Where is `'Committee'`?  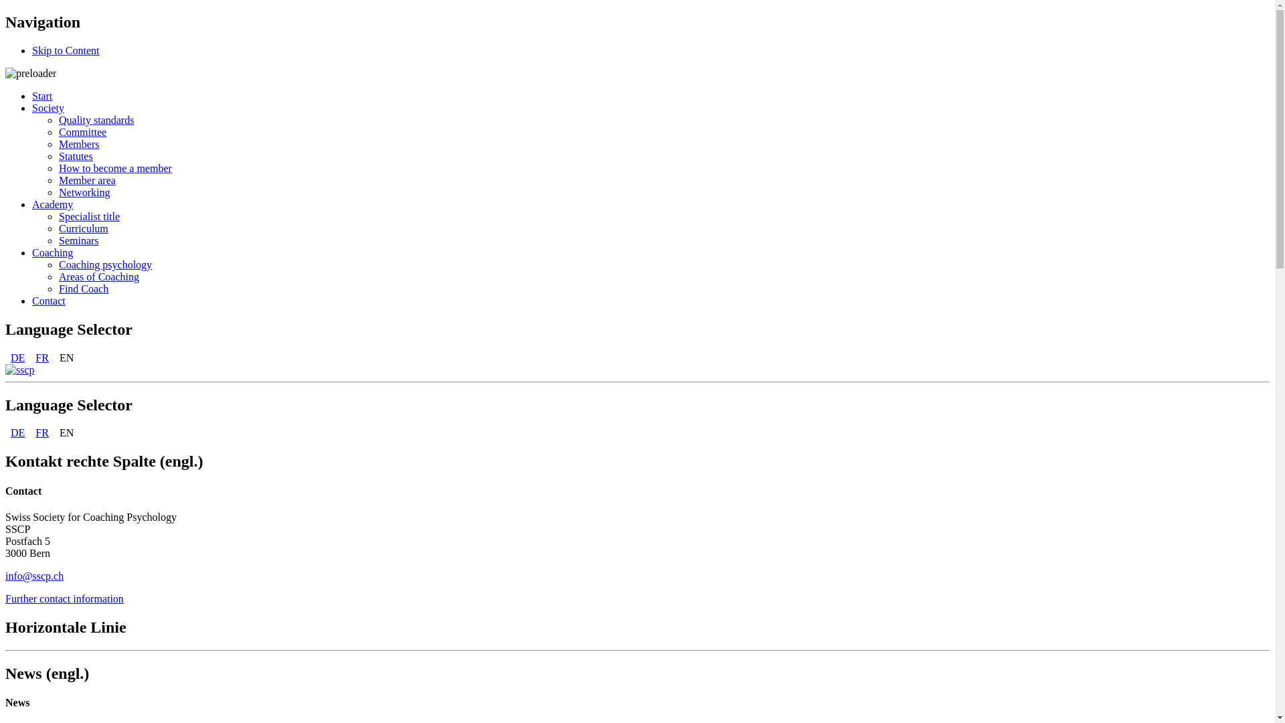
'Committee' is located at coordinates (82, 132).